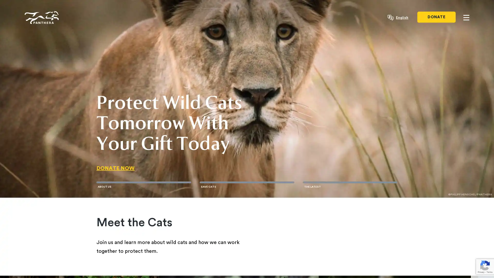  I want to click on Go to slide 1, so click(144, 182).